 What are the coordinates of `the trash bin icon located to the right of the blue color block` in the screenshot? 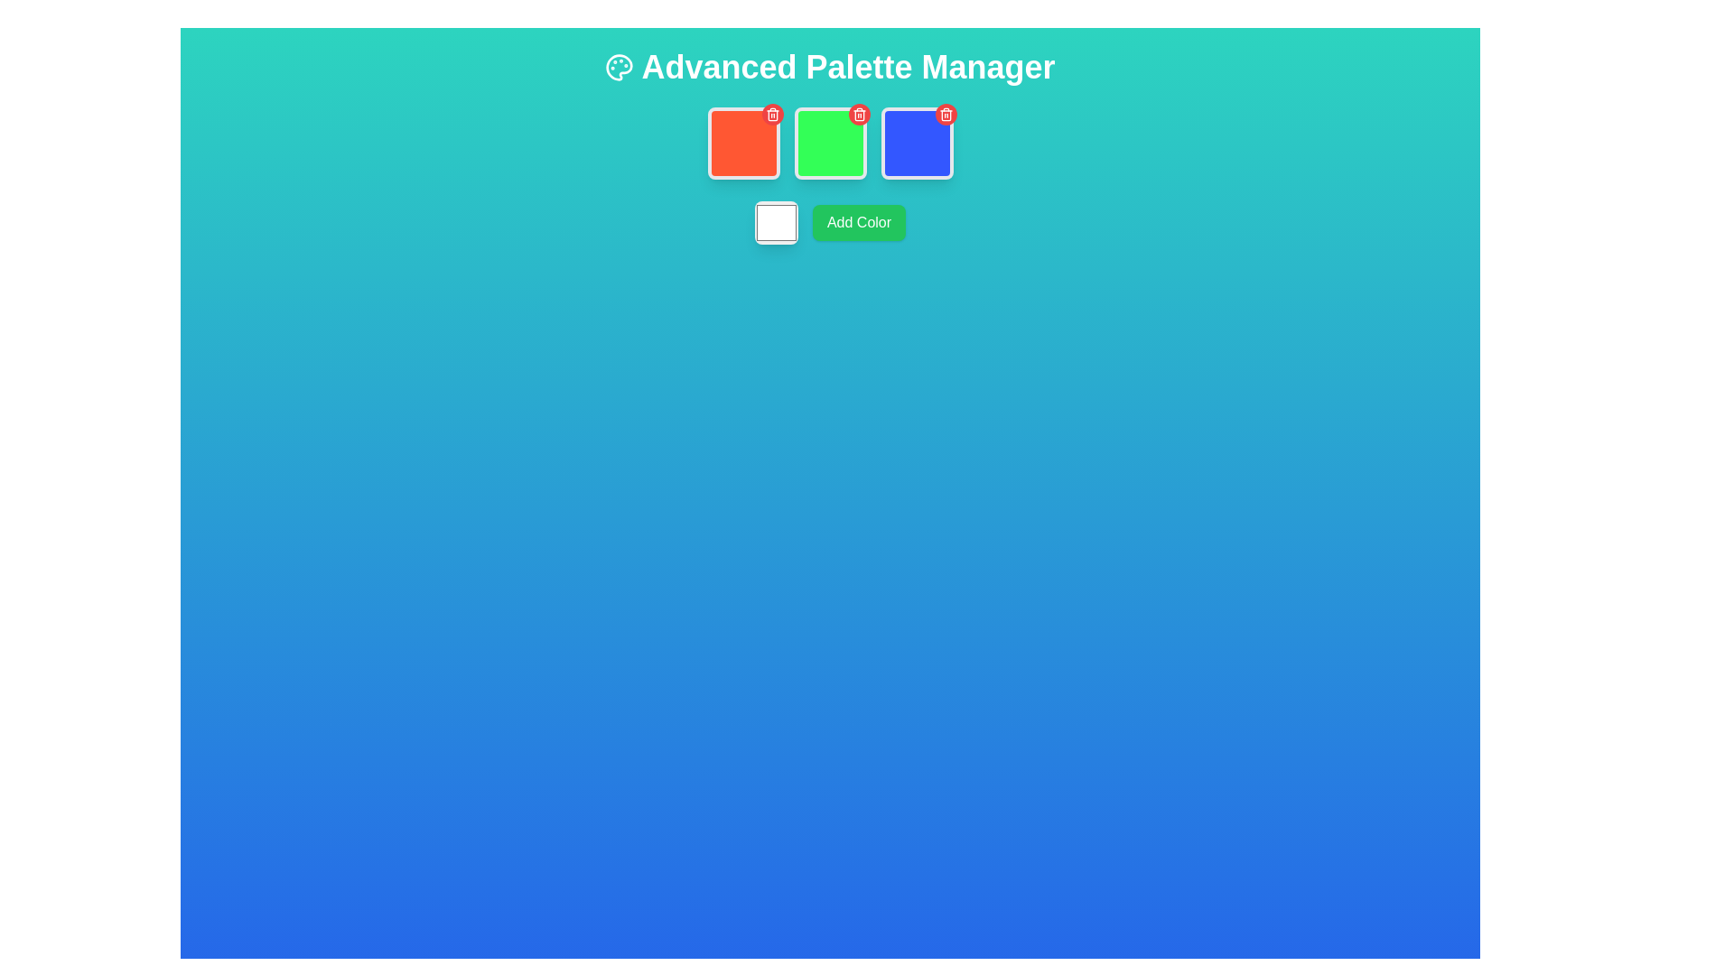 It's located at (945, 116).